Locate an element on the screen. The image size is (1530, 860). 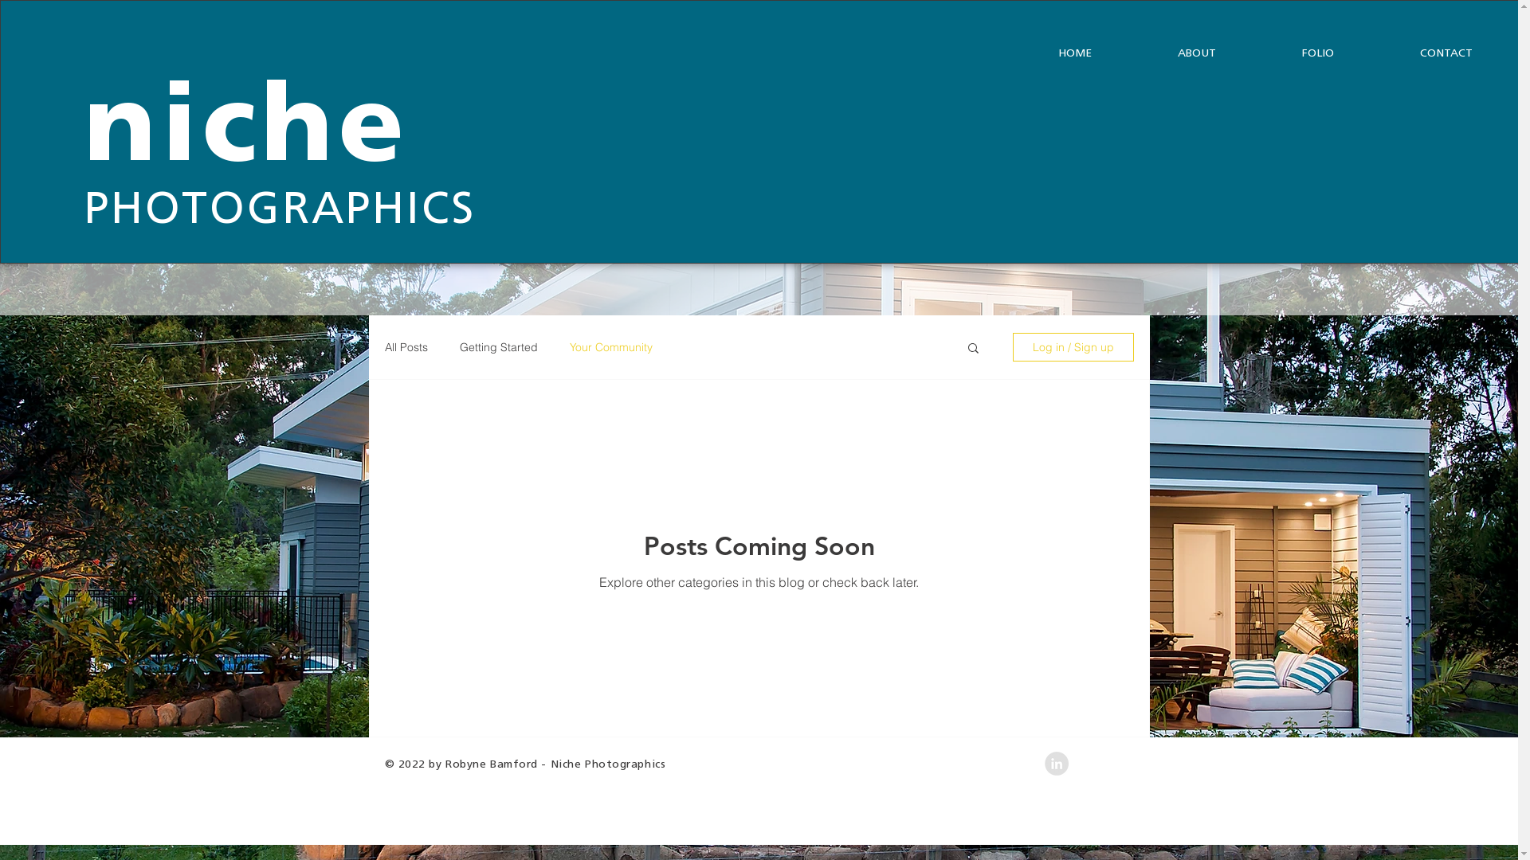
'All Posts' is located at coordinates (405, 346).